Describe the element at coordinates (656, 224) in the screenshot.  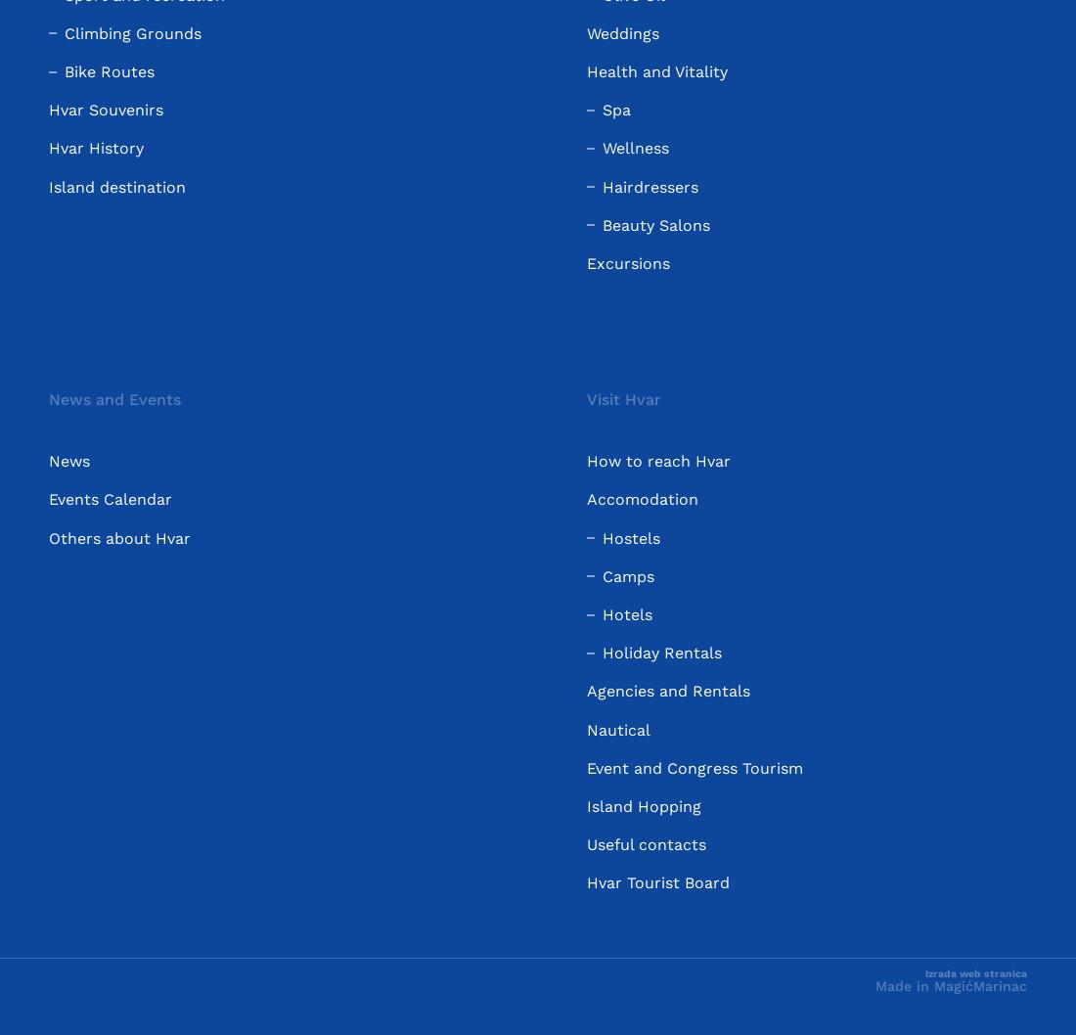
I see `'Beauty Salons'` at that location.